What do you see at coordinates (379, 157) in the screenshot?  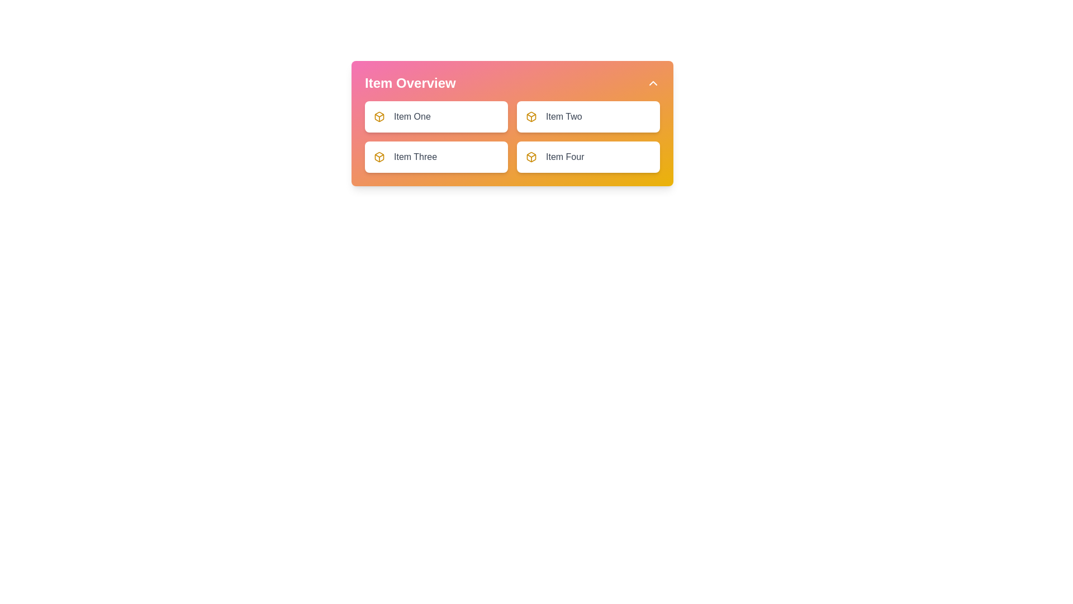 I see `the small, square-shaped yellow-orange icon representing a 3D box located to the left of the text-label 'Item Three' in the 'Item Overview' list` at bounding box center [379, 157].